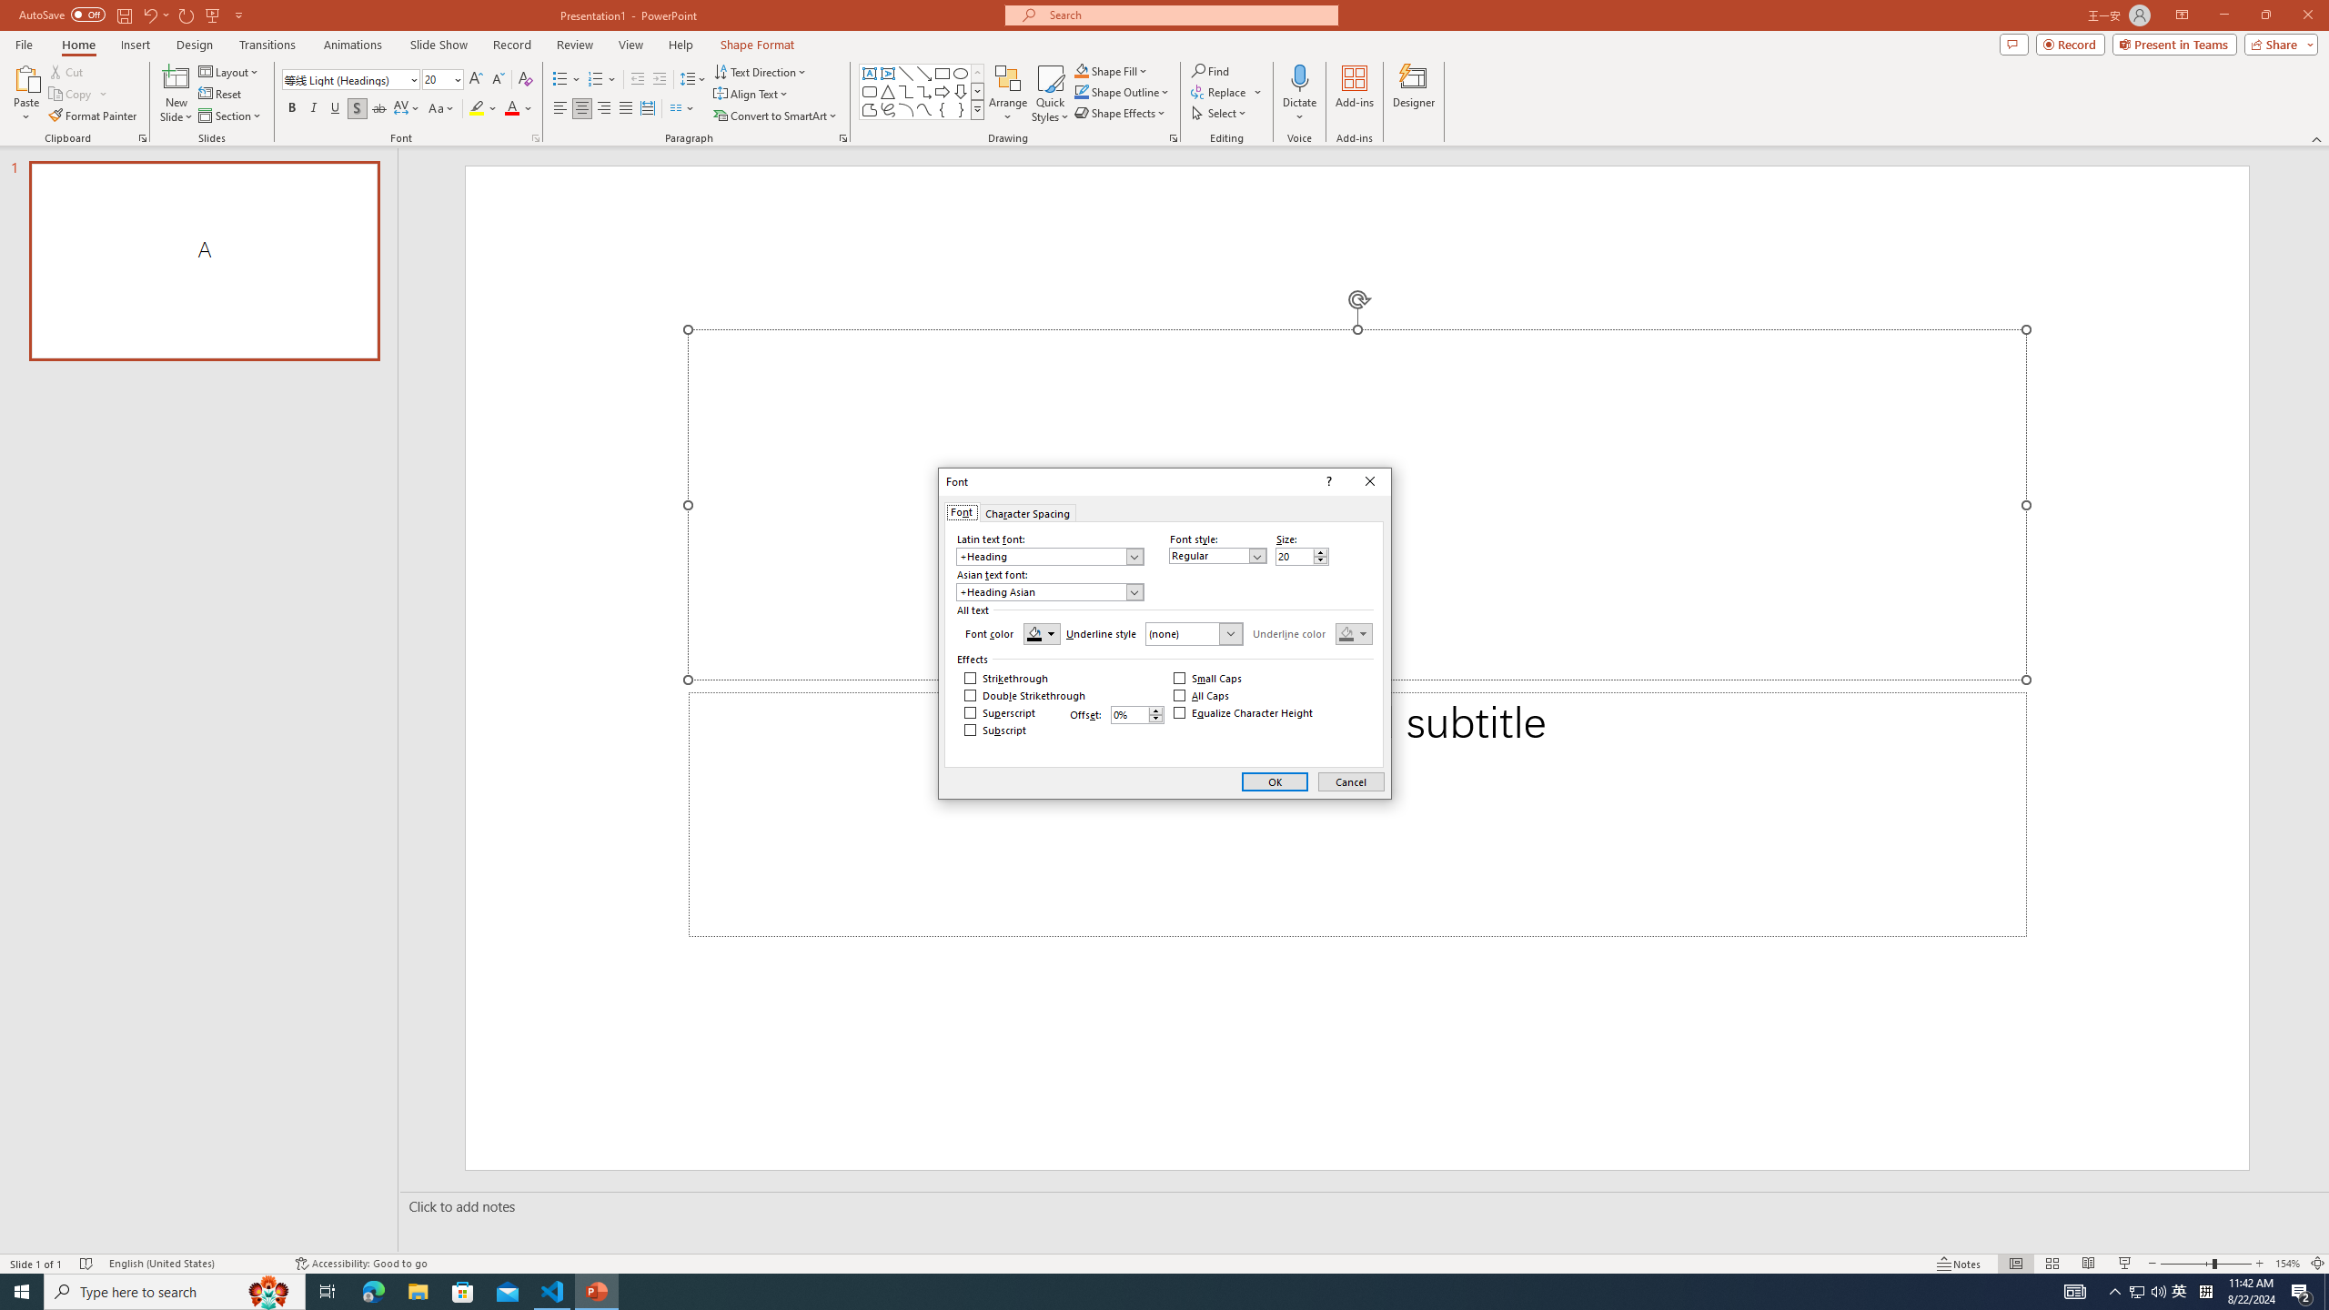 The image size is (2329, 1310). What do you see at coordinates (1302, 557) in the screenshot?
I see `'Size'` at bounding box center [1302, 557].